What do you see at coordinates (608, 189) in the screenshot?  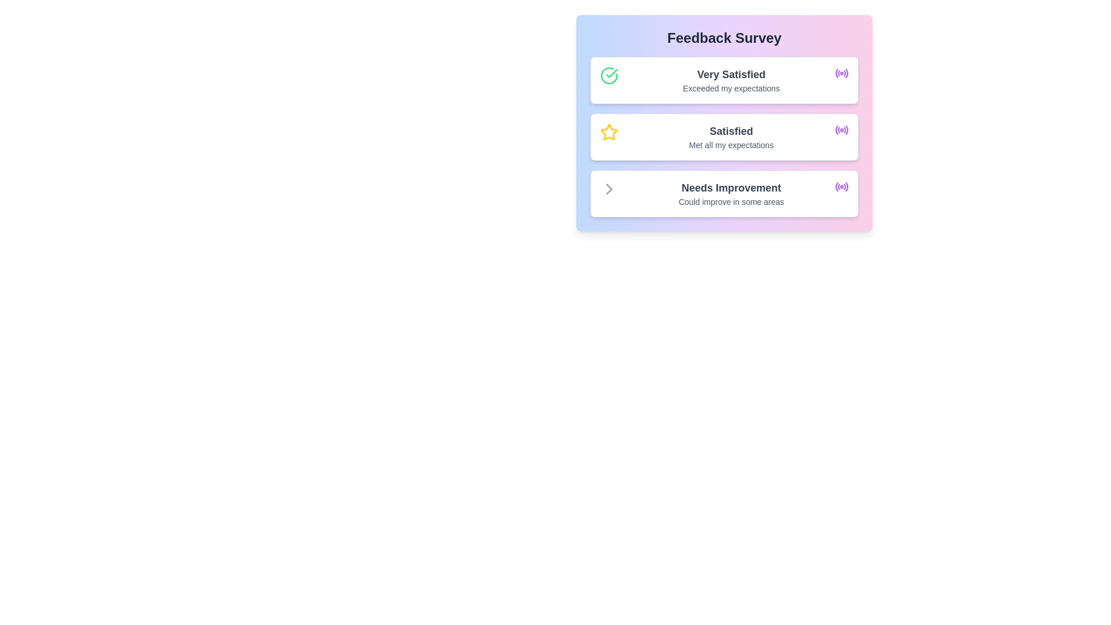 I see `the chevron icon located in the lower left corner of the 'Needs Improvement' card in the feedback survey interface to interact with the directional navigation feature` at bounding box center [608, 189].